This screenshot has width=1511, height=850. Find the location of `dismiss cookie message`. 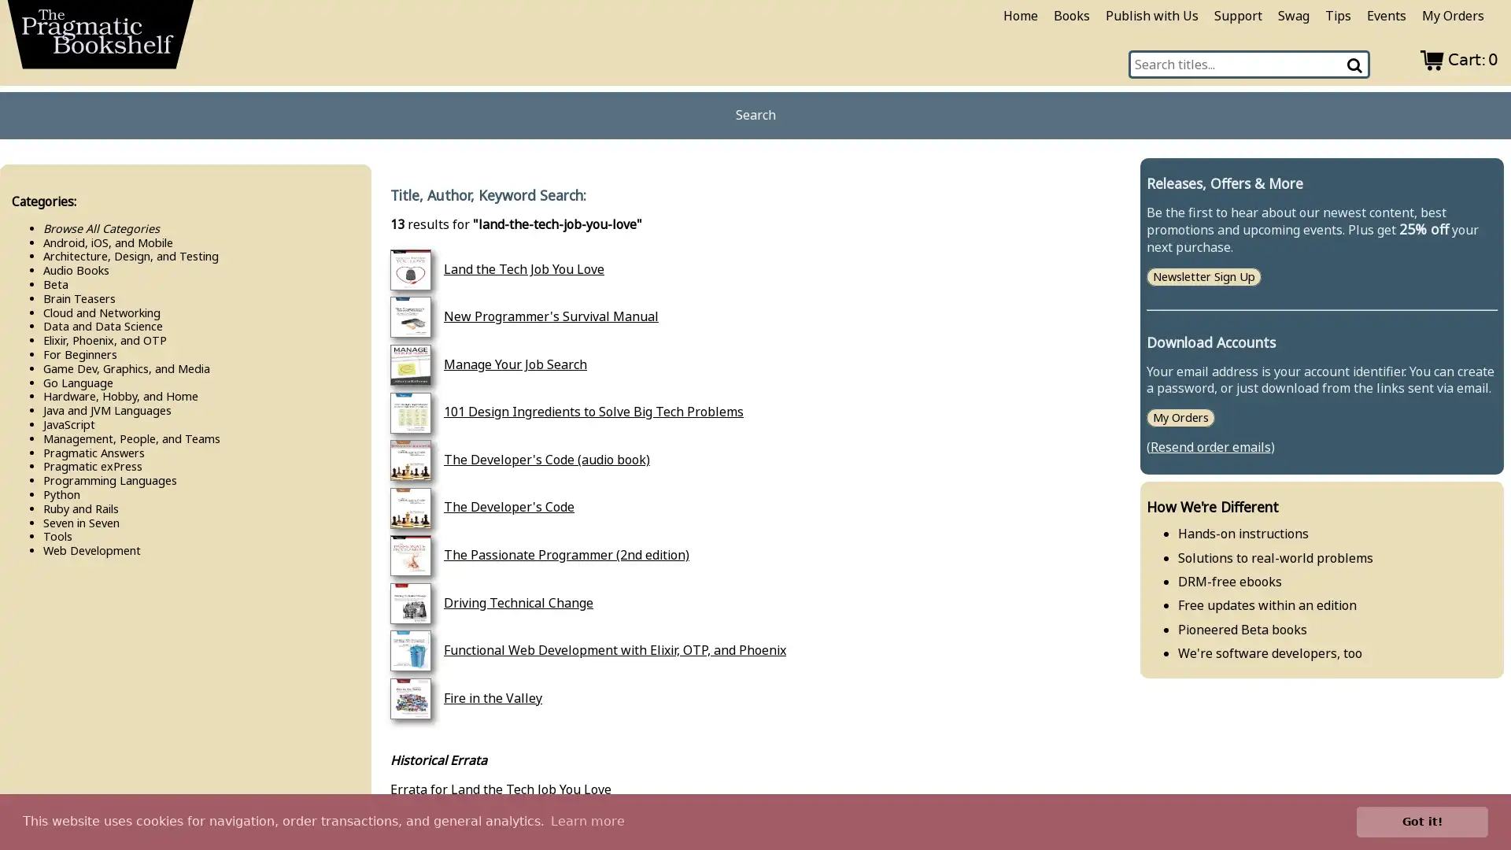

dismiss cookie message is located at coordinates (1422, 821).